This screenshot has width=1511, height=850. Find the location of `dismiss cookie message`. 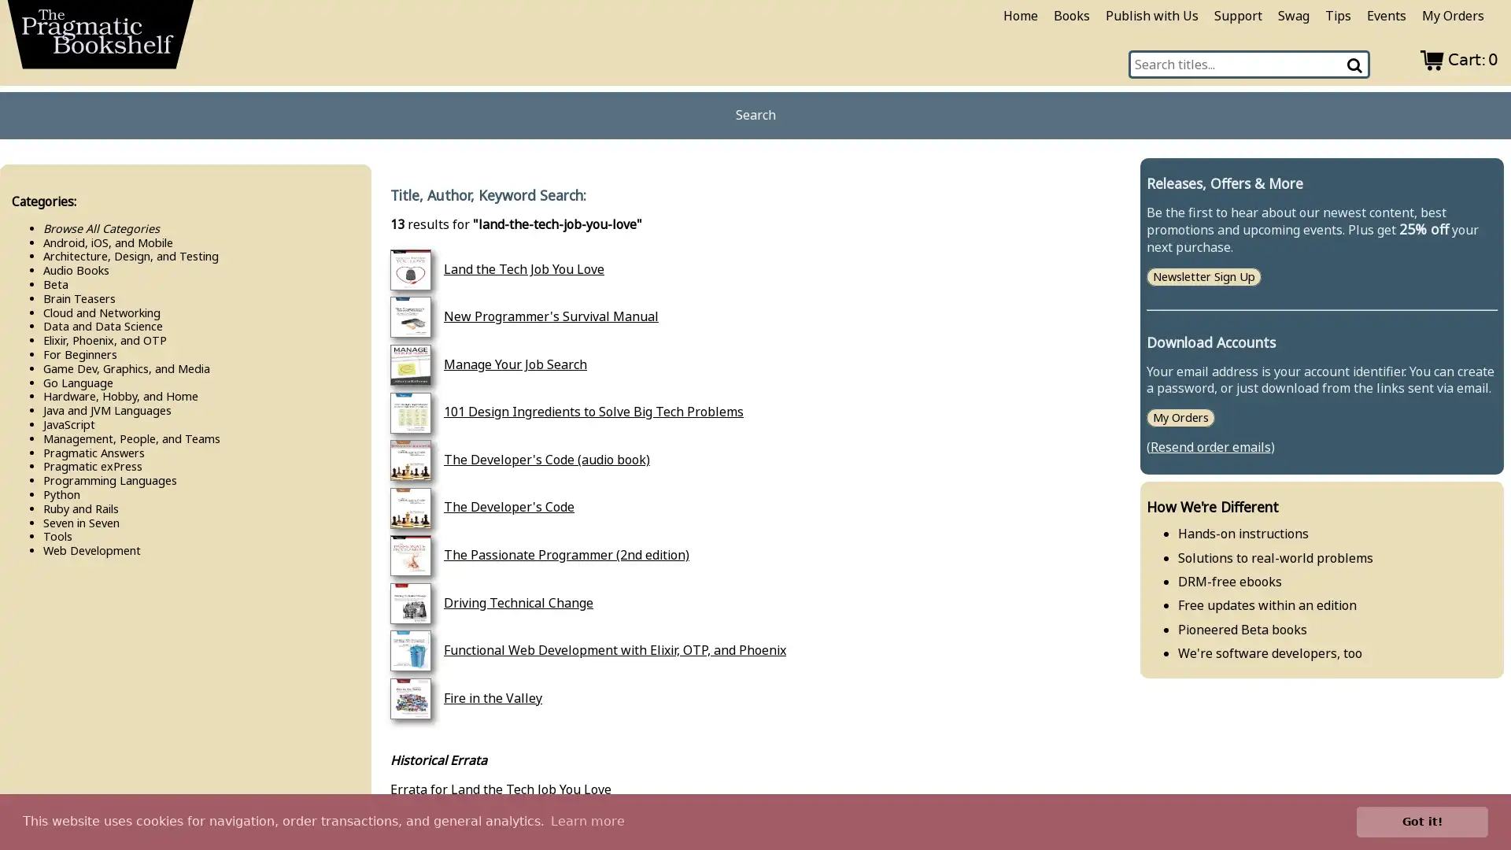

dismiss cookie message is located at coordinates (1422, 821).